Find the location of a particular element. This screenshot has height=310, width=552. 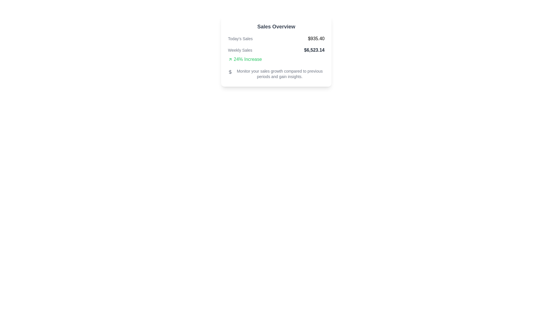

the dollar symbol icon, which has a thin, modern outline and is located to the left of the text block about monitoring sales growth is located at coordinates (230, 71).